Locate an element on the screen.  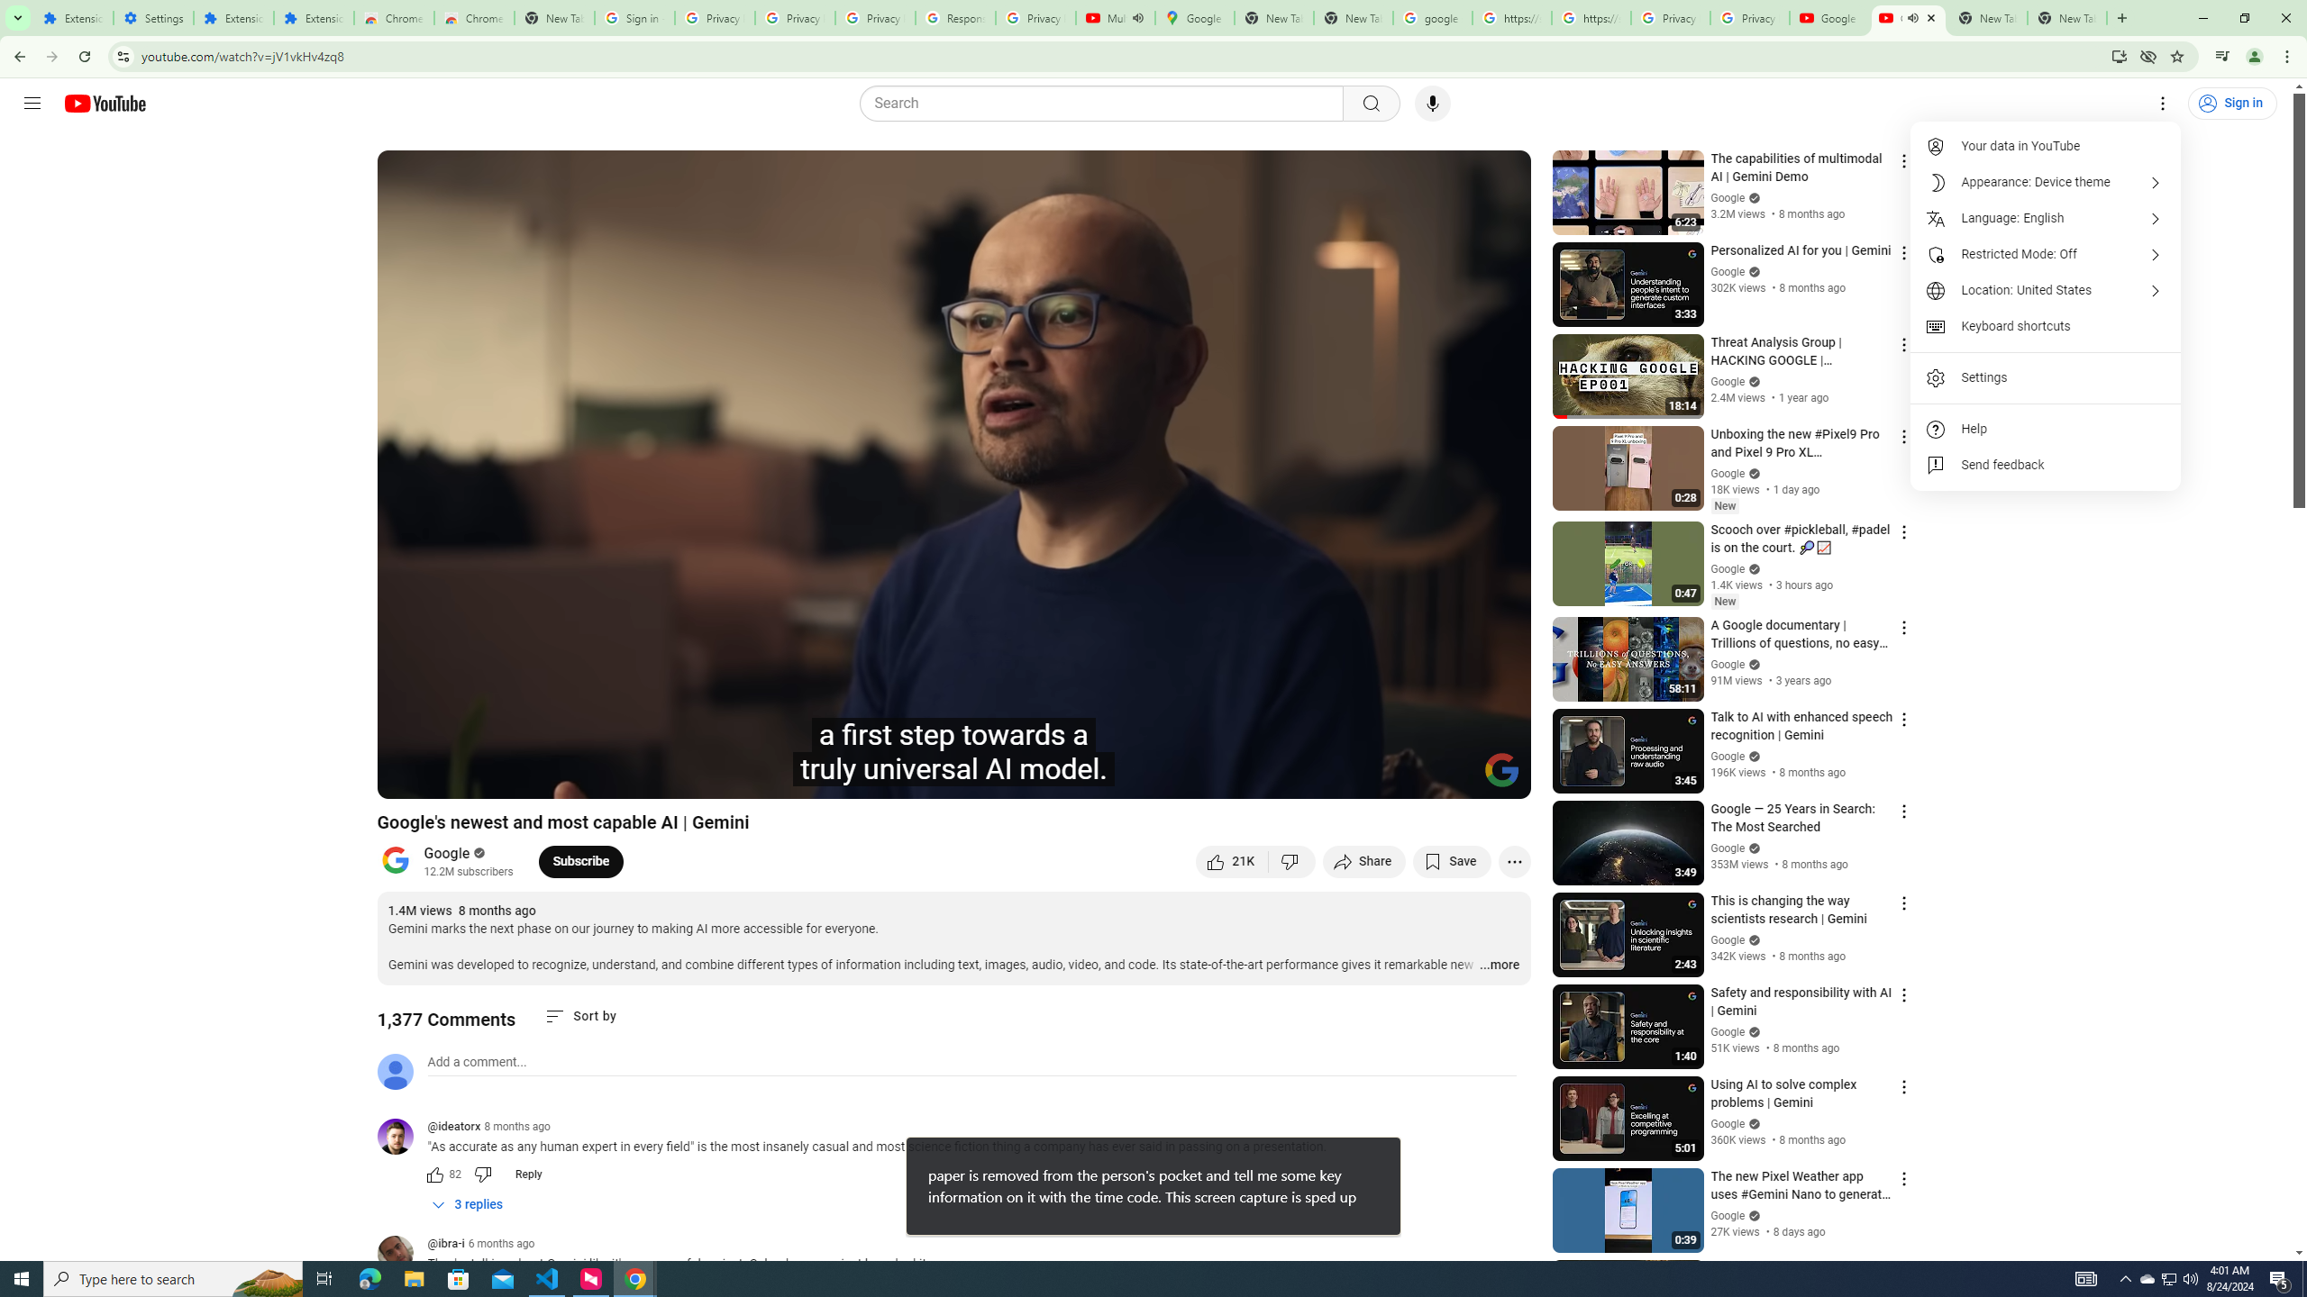
'Your data in YouTube' is located at coordinates (2046, 145).